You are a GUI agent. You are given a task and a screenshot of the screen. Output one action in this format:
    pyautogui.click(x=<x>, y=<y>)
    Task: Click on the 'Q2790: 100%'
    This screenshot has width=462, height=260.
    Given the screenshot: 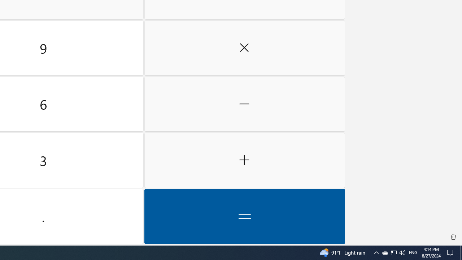 What is the action you would take?
    pyautogui.click(x=402, y=252)
    